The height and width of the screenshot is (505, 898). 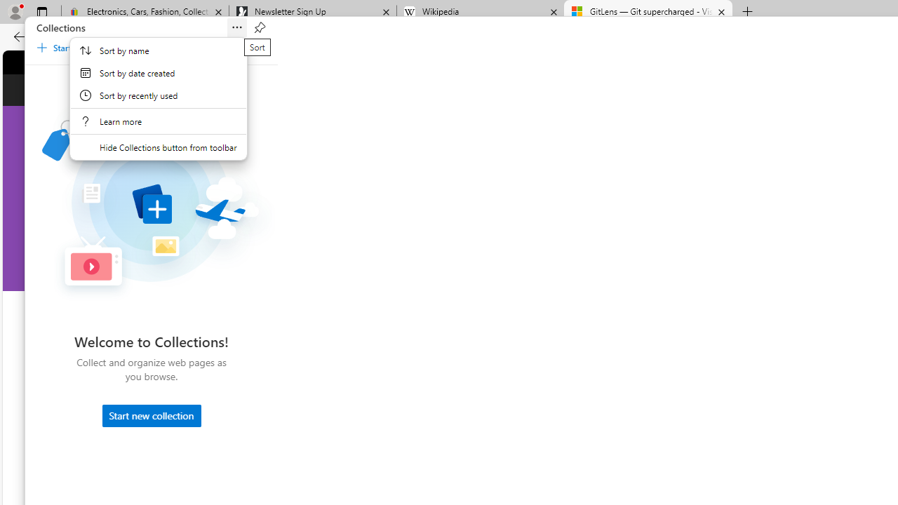 What do you see at coordinates (158, 120) in the screenshot?
I see `'Learn More About Collections'` at bounding box center [158, 120].